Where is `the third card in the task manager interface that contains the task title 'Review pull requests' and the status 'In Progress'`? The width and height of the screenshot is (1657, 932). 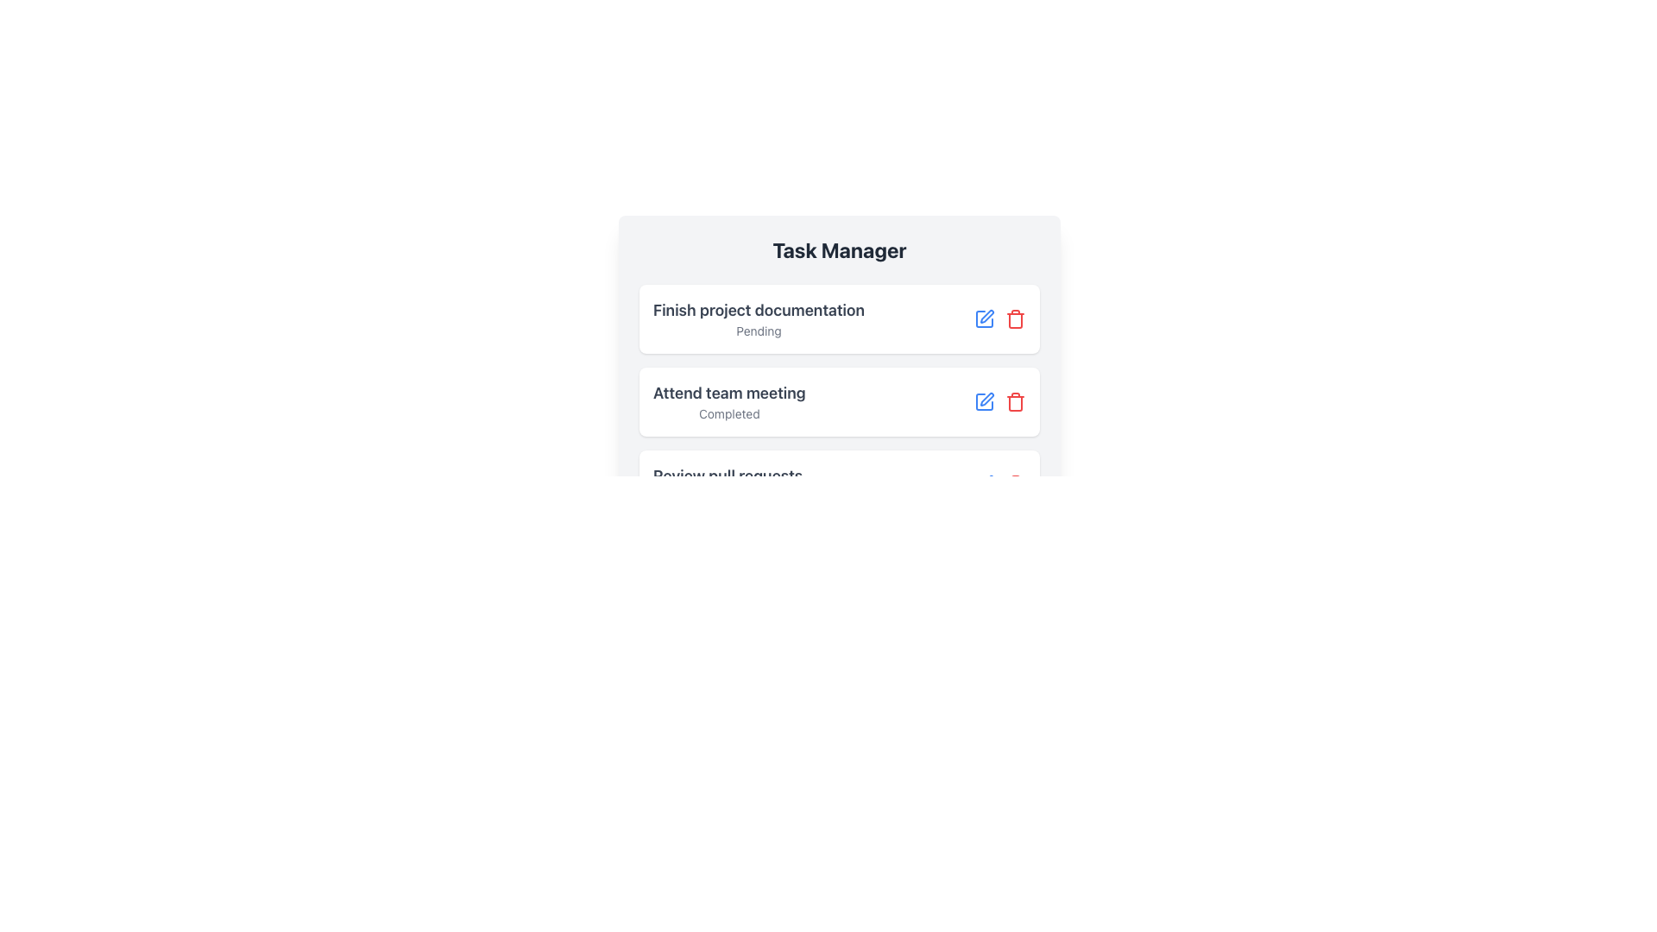
the third card in the task manager interface that contains the task title 'Review pull requests' and the status 'In Progress' is located at coordinates (840, 485).